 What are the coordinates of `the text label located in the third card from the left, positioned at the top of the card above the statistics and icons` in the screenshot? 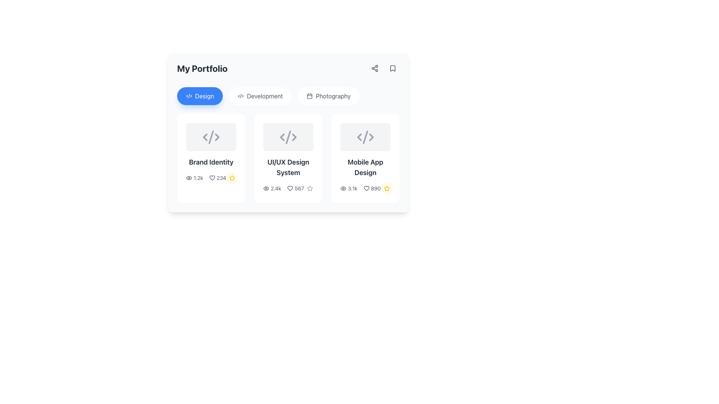 It's located at (365, 167).